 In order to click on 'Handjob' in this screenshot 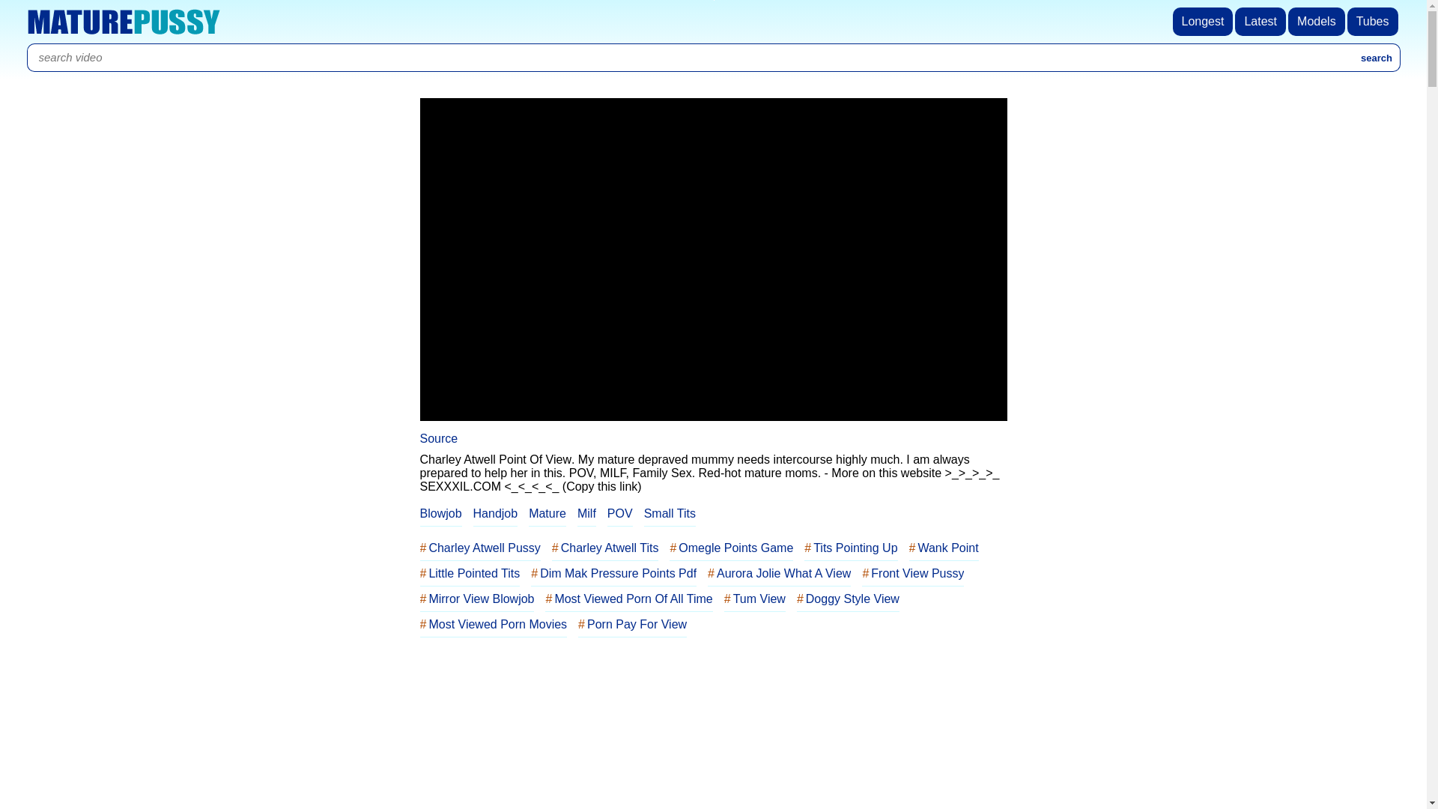, I will do `click(496, 513)`.